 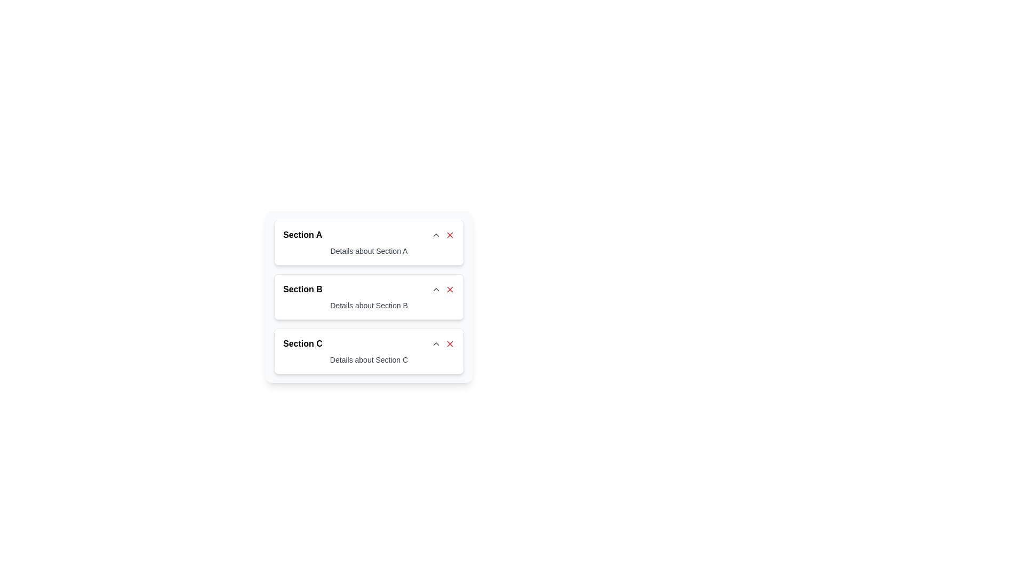 What do you see at coordinates (450, 343) in the screenshot?
I see `the red close icon button located at the rightmost side of the 'Section C' header` at bounding box center [450, 343].